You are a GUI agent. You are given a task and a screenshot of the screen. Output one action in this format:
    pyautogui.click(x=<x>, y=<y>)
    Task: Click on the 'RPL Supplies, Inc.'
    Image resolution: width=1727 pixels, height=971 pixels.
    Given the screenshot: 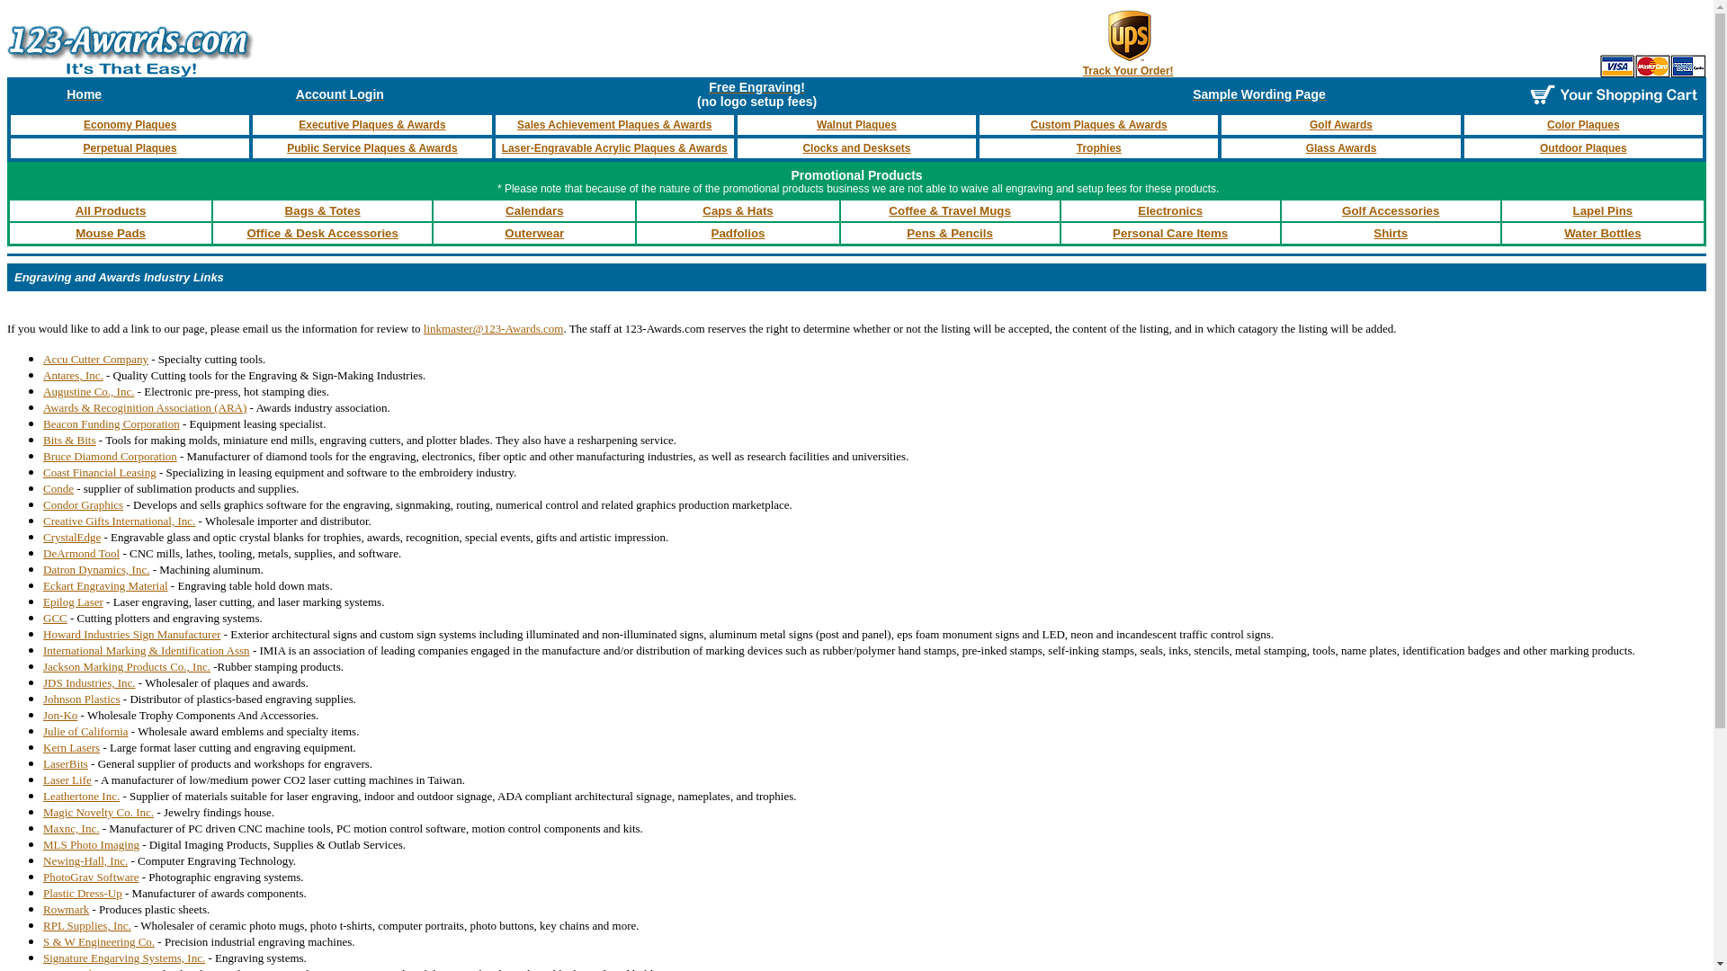 What is the action you would take?
    pyautogui.click(x=85, y=925)
    